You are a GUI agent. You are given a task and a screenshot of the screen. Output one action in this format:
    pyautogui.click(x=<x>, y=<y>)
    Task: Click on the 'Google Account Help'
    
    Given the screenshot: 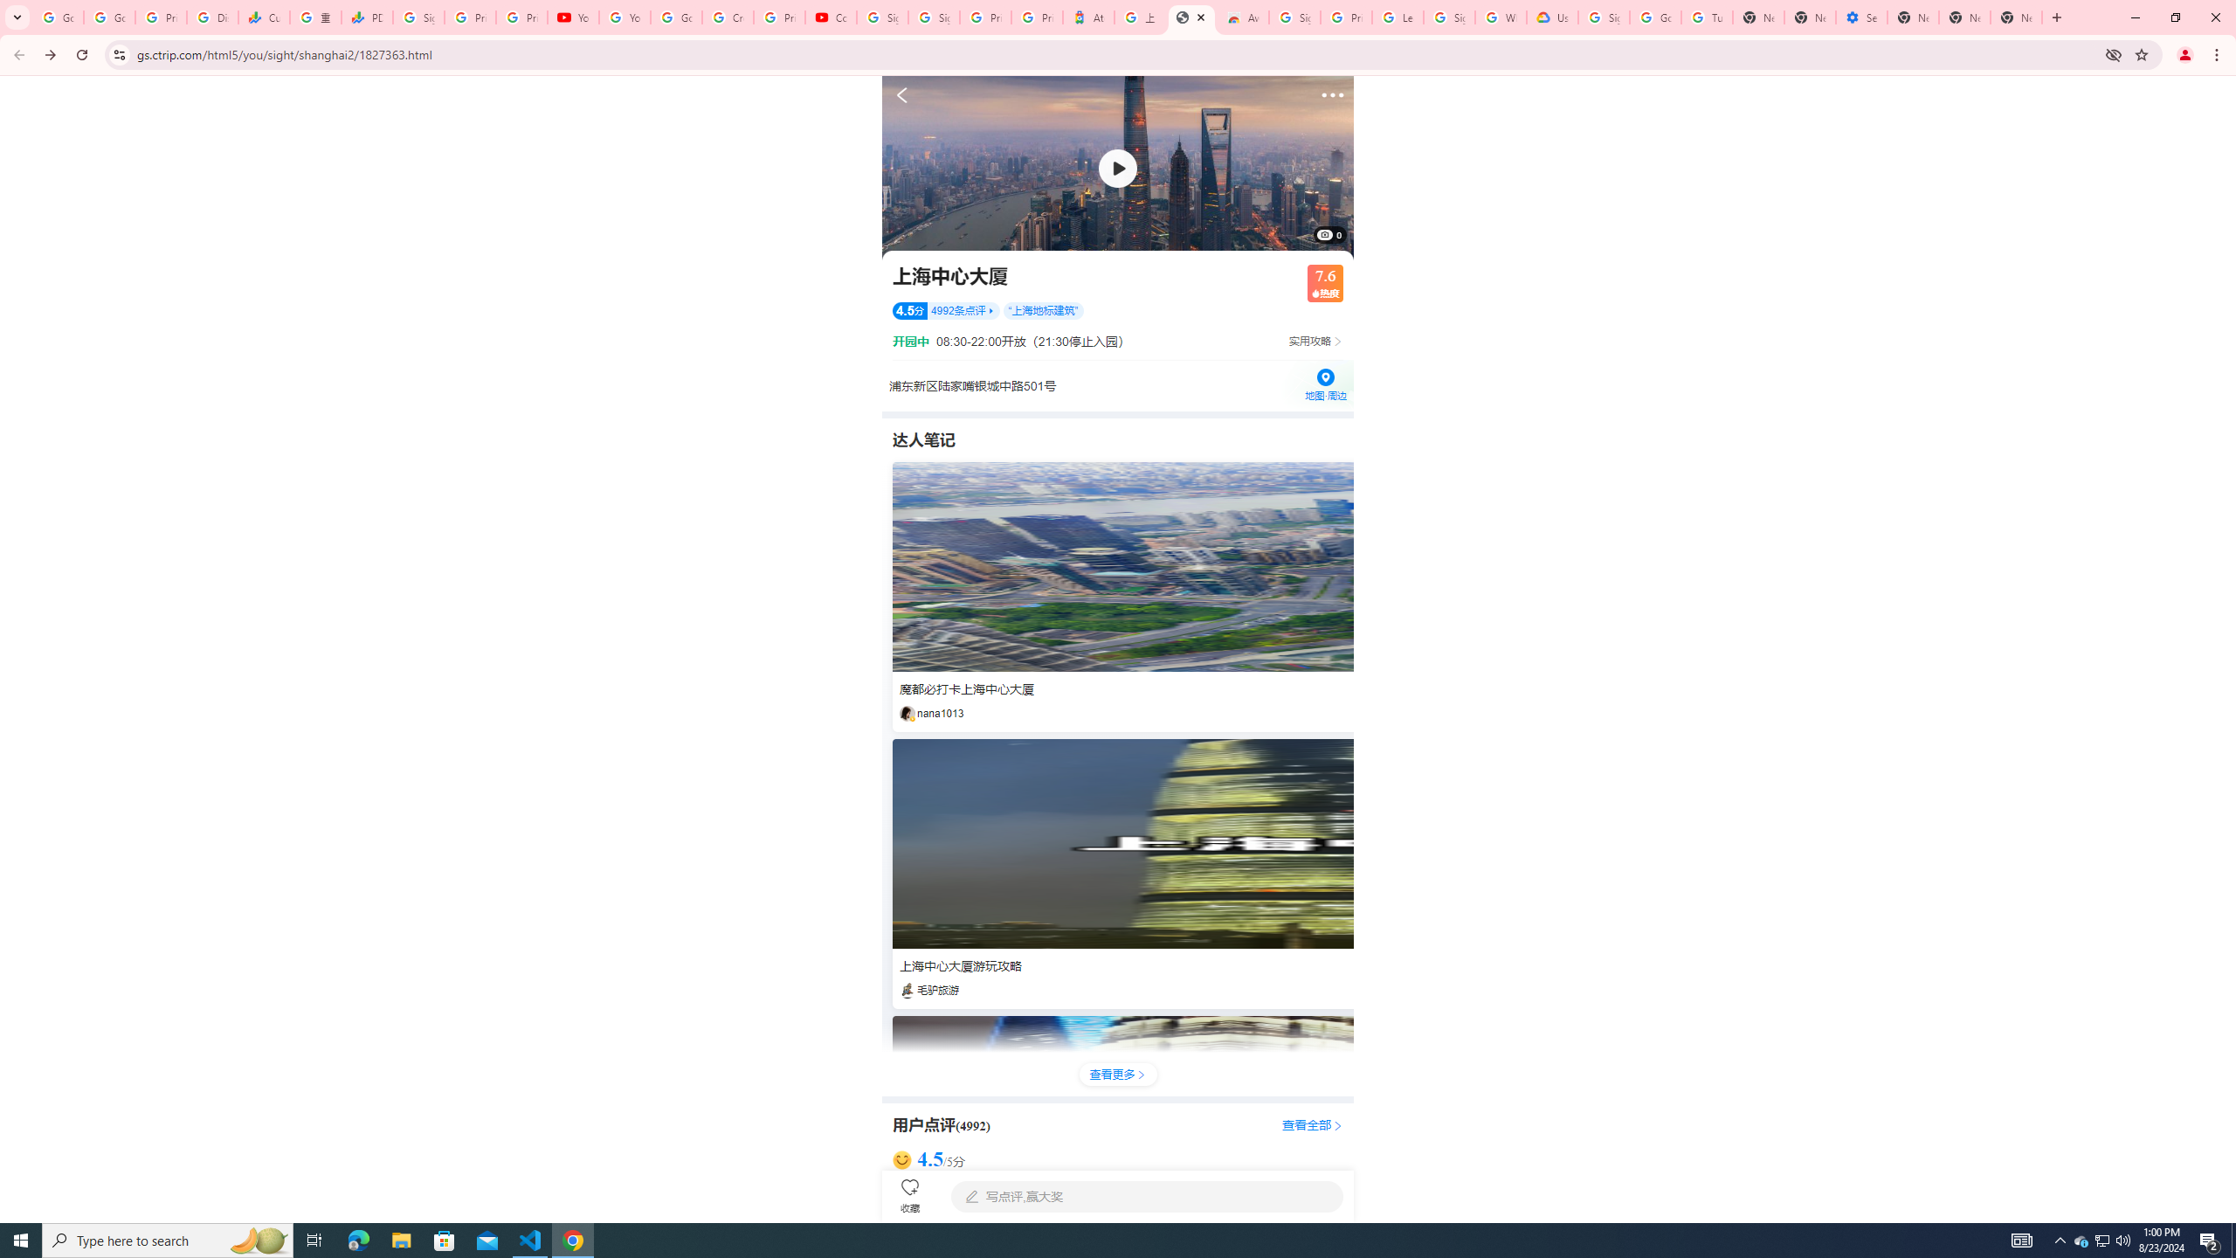 What is the action you would take?
    pyautogui.click(x=1653, y=17)
    